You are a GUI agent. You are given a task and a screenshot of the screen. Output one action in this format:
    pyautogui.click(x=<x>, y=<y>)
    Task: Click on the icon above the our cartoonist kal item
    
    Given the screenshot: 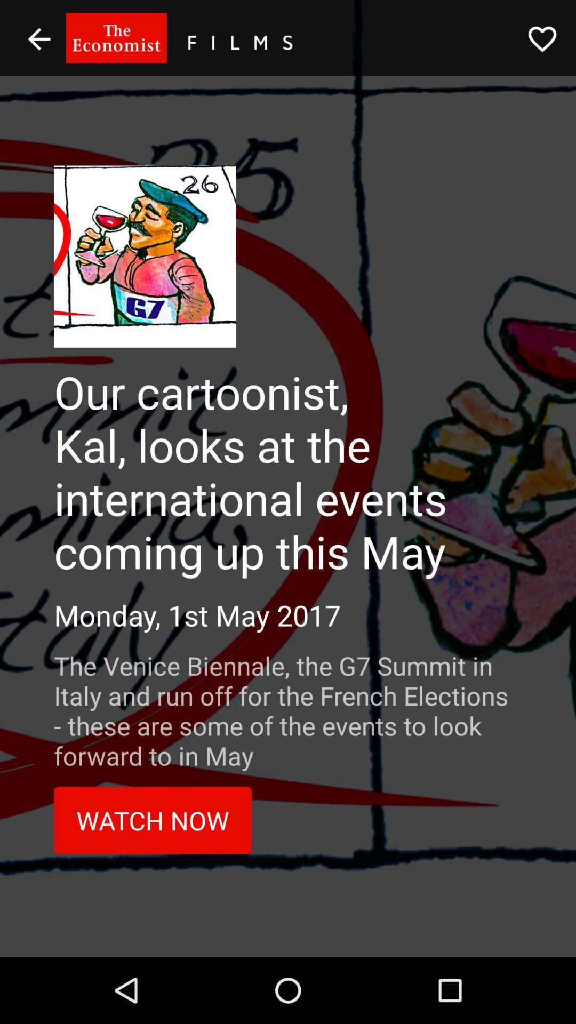 What is the action you would take?
    pyautogui.click(x=542, y=39)
    